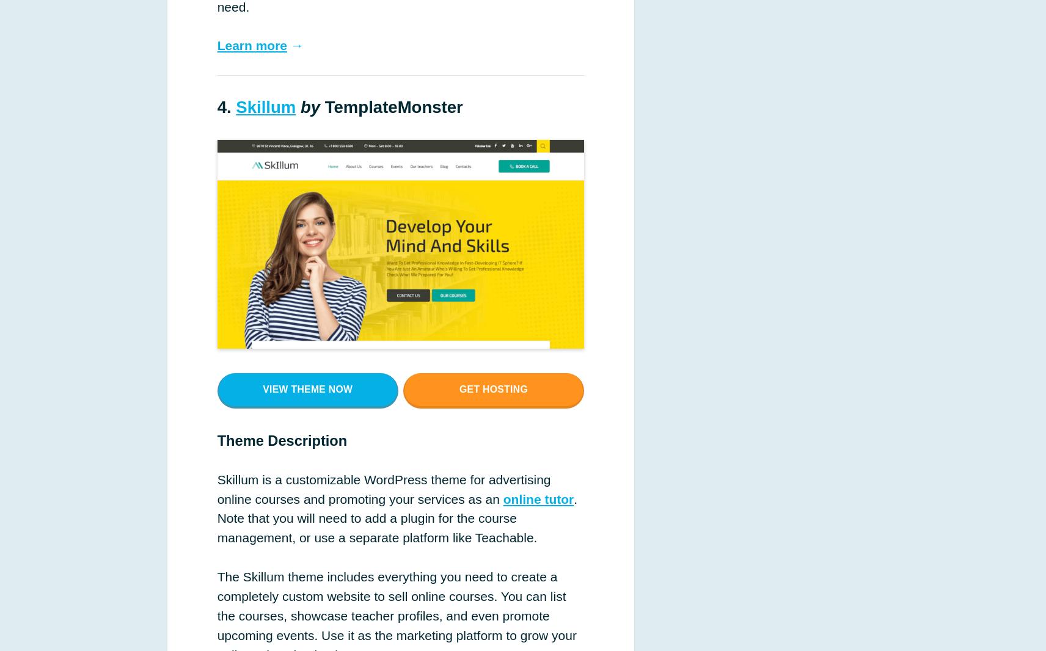  What do you see at coordinates (265, 106) in the screenshot?
I see `'Skillum'` at bounding box center [265, 106].